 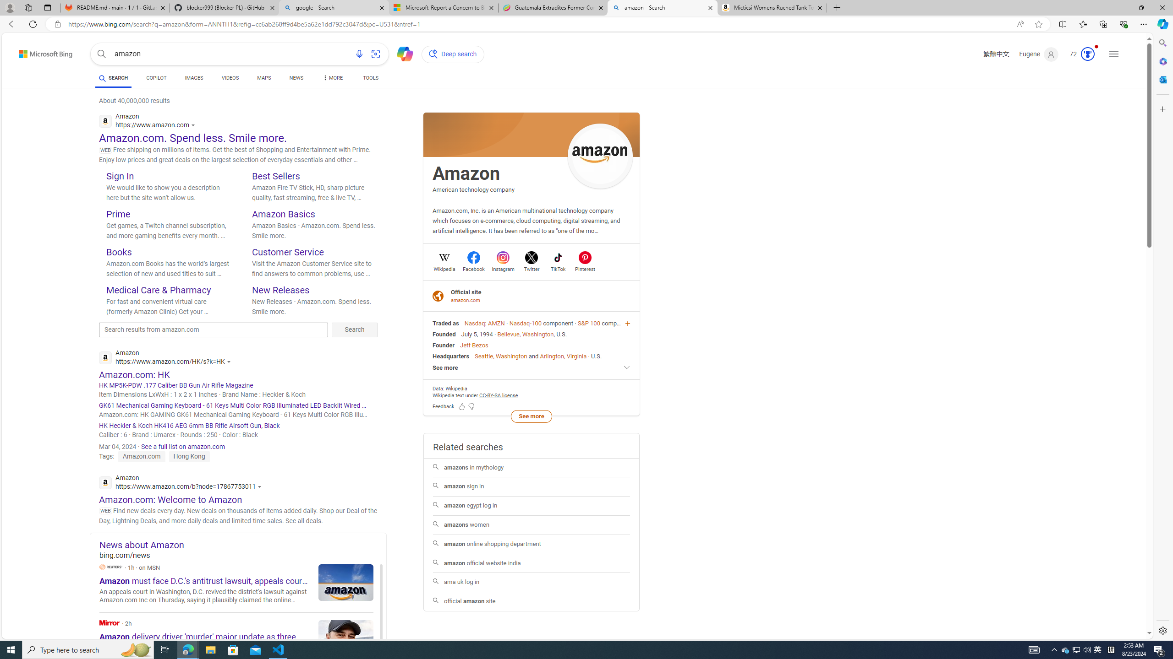 I want to click on 'Founder', so click(x=443, y=345).